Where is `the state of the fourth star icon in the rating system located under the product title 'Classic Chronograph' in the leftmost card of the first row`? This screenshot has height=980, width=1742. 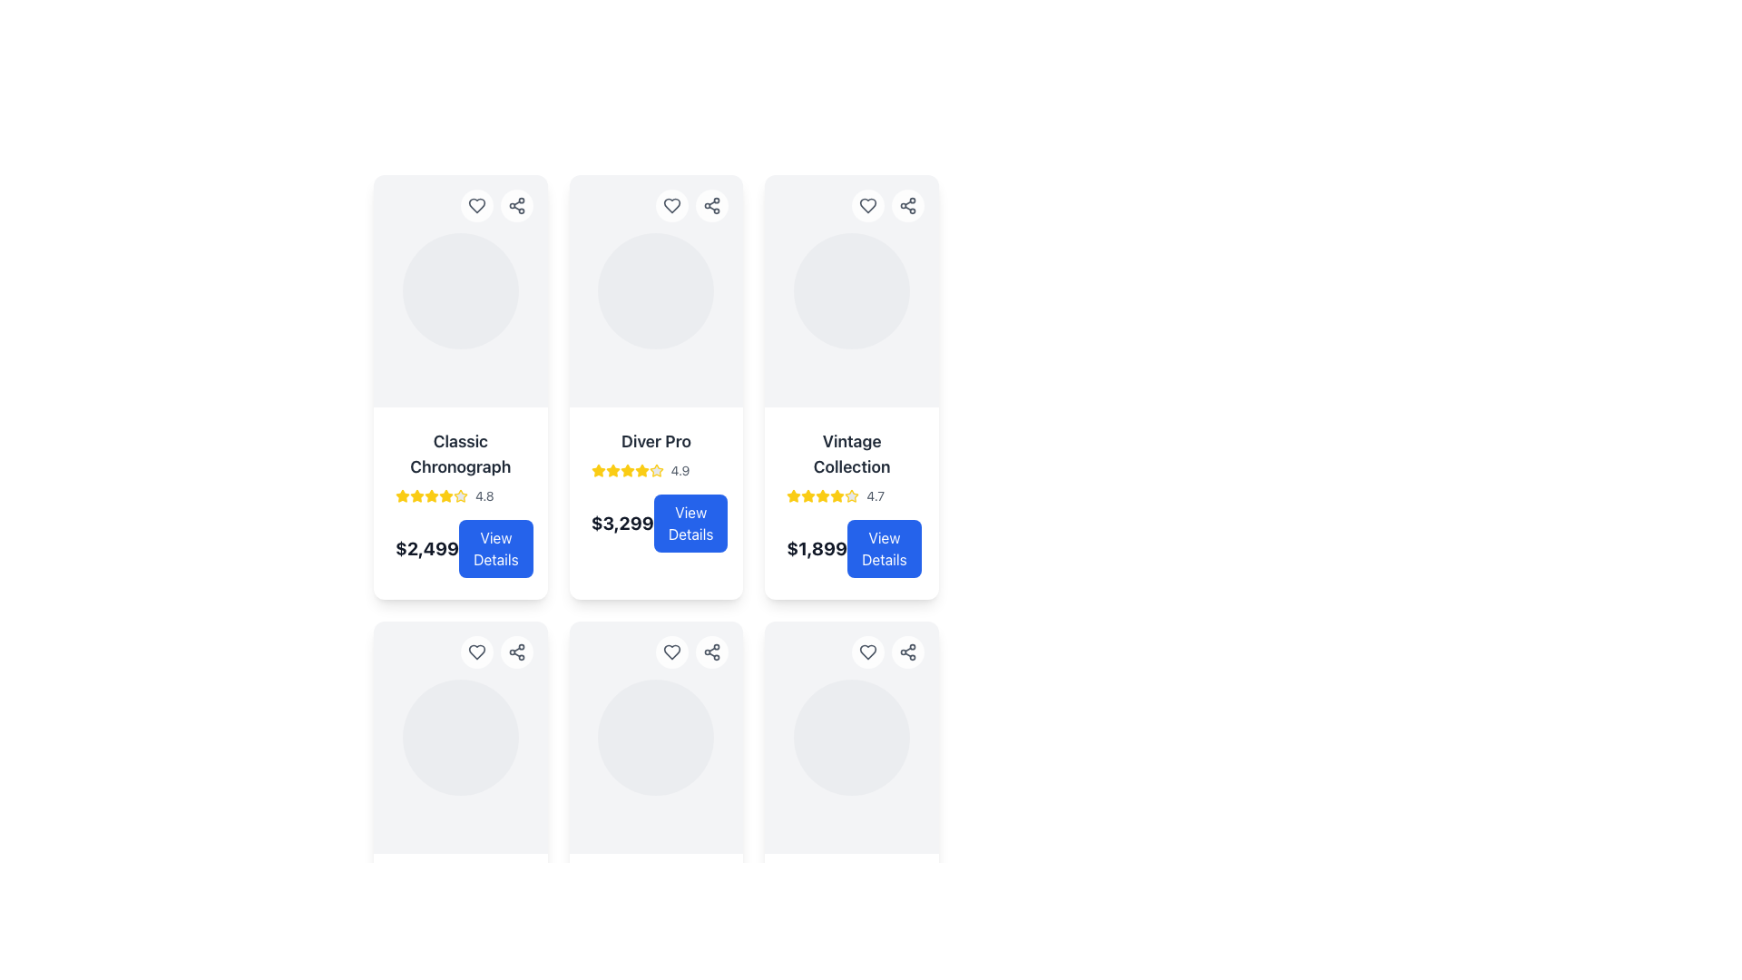
the state of the fourth star icon in the rating system located under the product title 'Classic Chronograph' in the leftmost card of the first row is located at coordinates (430, 495).